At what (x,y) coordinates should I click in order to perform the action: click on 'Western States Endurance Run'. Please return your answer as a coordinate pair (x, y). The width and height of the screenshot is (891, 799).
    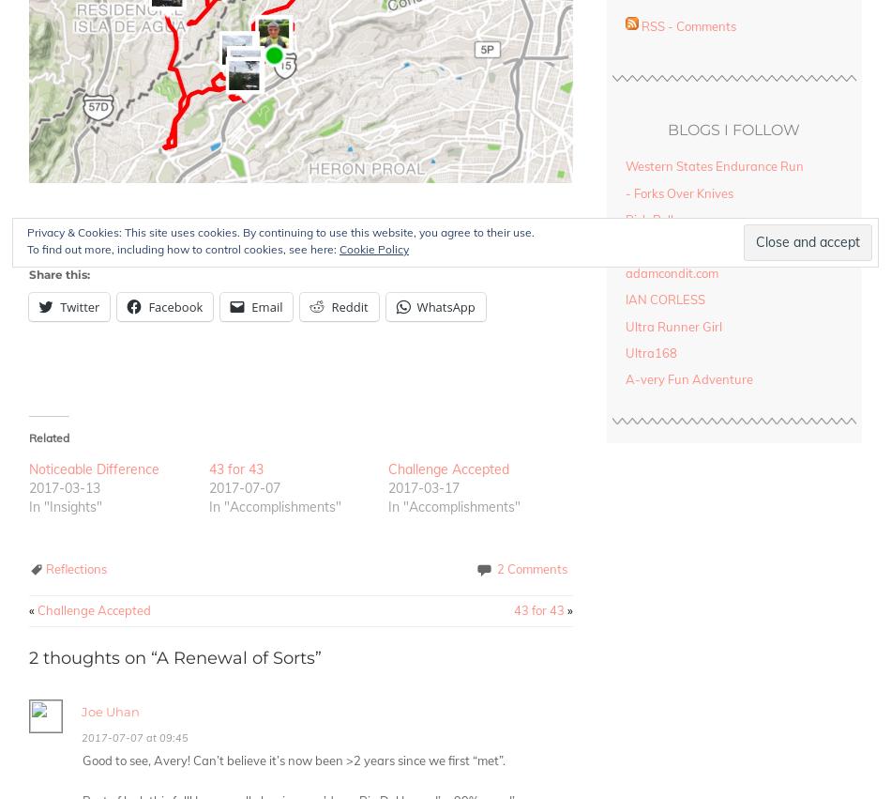
    Looking at the image, I should click on (625, 165).